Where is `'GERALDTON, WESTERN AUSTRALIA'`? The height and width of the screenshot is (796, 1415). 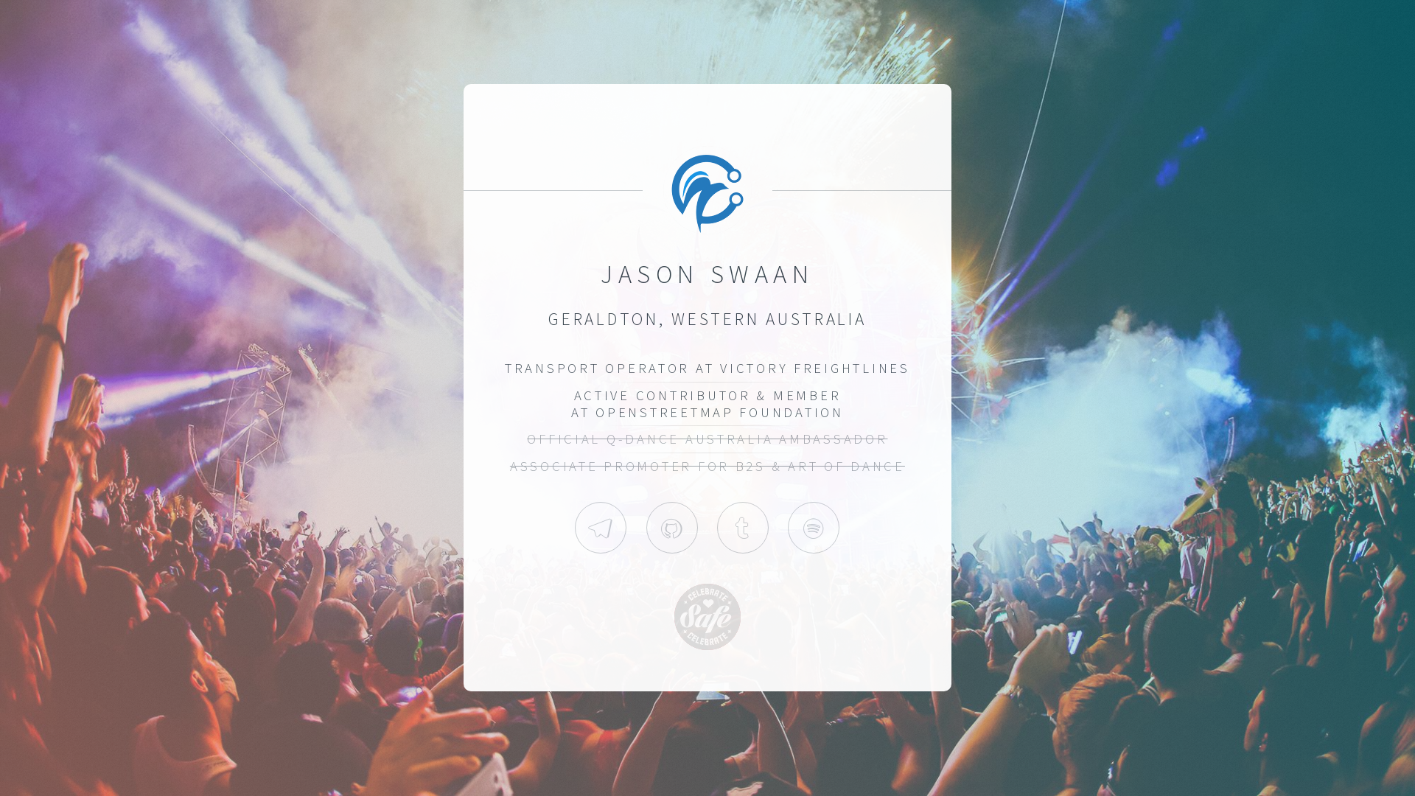 'GERALDTON, WESTERN AUSTRALIA' is located at coordinates (707, 318).